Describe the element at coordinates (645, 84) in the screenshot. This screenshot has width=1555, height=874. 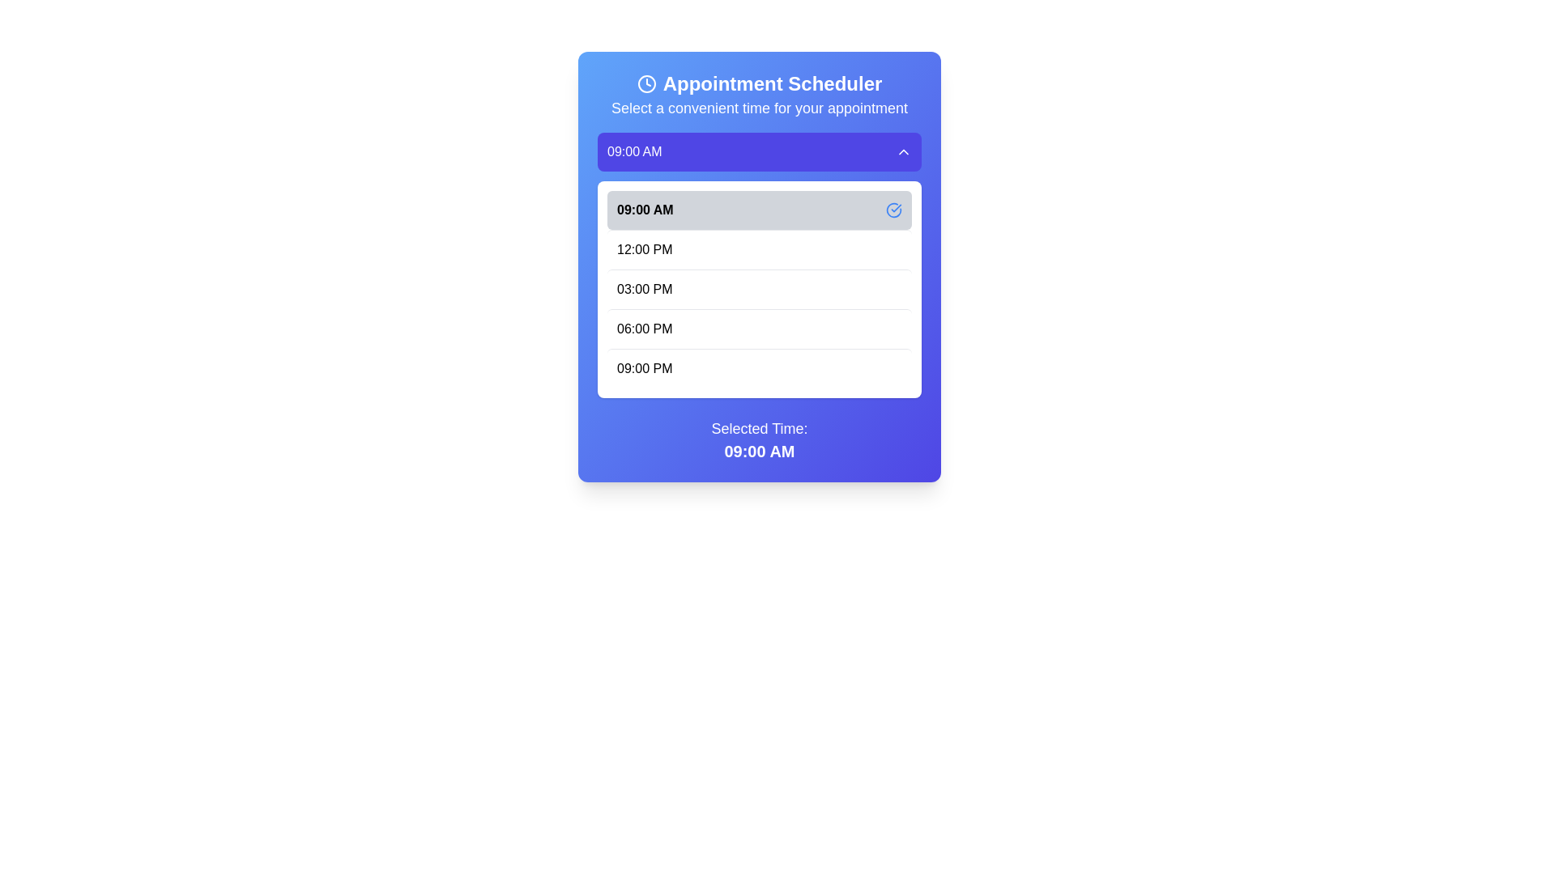
I see `the clock icon located to the left of the 'Appointment Scheduler' text header` at that location.